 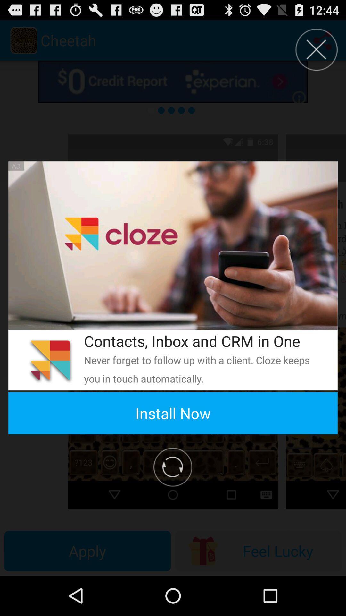 I want to click on the app above install now, so click(x=50, y=360).